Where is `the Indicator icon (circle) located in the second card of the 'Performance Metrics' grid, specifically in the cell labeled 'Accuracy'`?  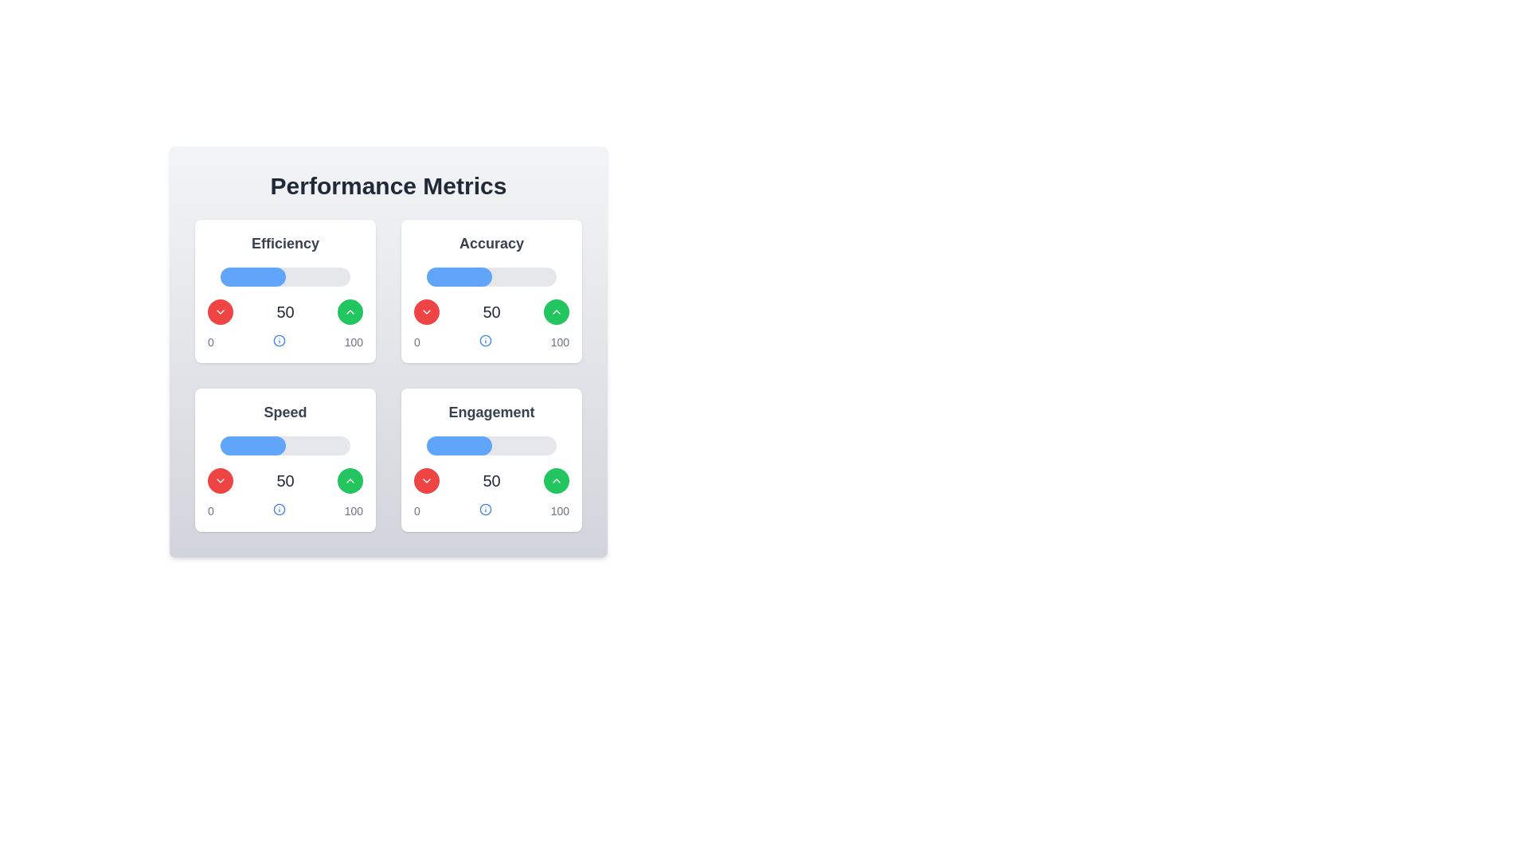 the Indicator icon (circle) located in the second card of the 'Performance Metrics' grid, specifically in the cell labeled 'Accuracy' is located at coordinates (484, 340).